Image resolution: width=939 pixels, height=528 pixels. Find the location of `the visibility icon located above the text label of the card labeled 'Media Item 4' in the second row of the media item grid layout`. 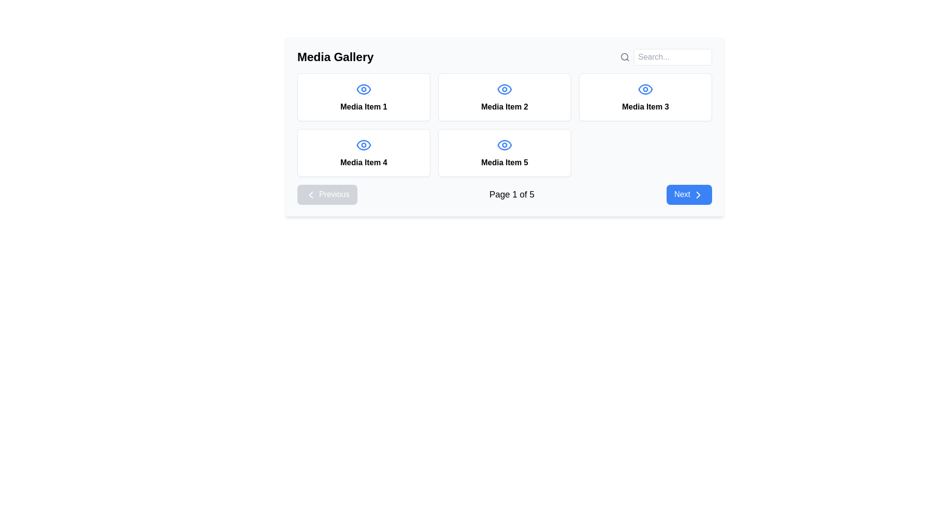

the visibility icon located above the text label of the card labeled 'Media Item 4' in the second row of the media item grid layout is located at coordinates (363, 145).